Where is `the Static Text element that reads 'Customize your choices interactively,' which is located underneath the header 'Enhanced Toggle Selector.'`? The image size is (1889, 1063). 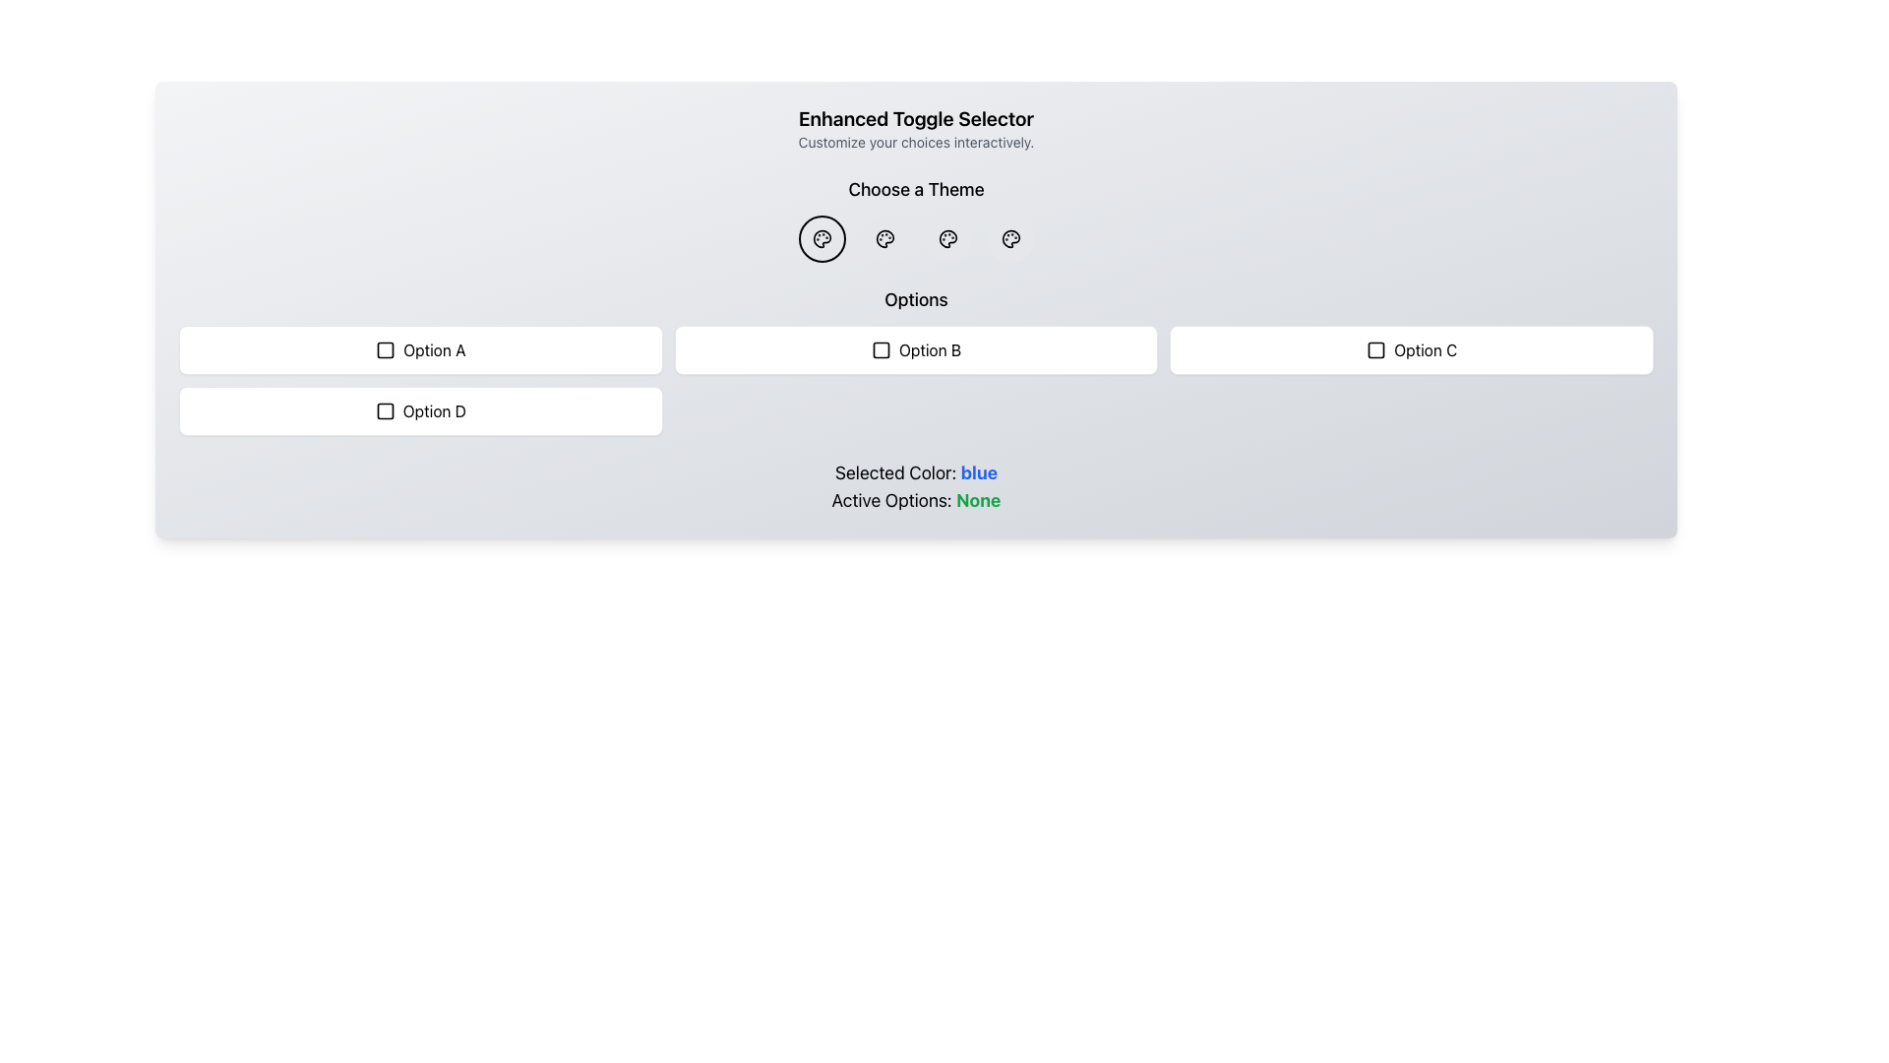
the Static Text element that reads 'Customize your choices interactively,' which is located underneath the header 'Enhanced Toggle Selector.' is located at coordinates (915, 142).